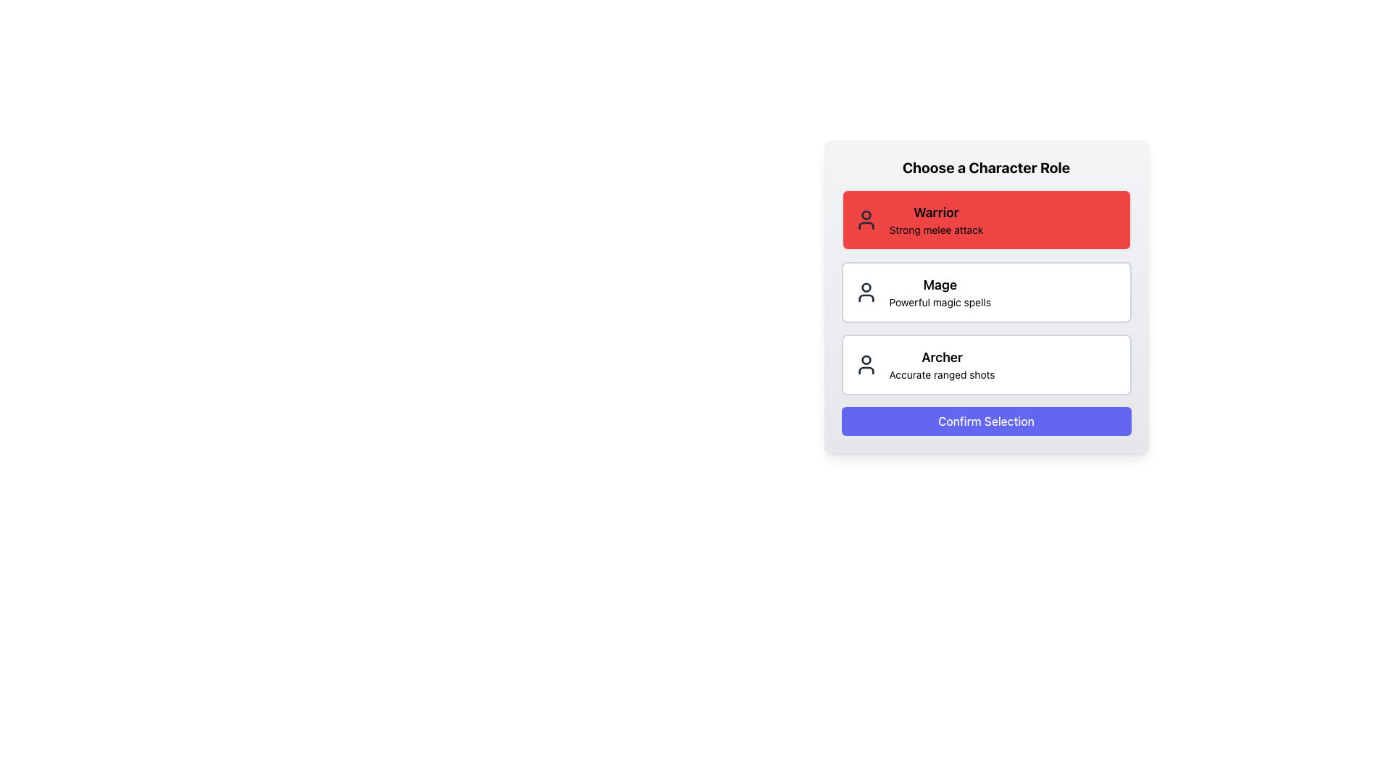 The height and width of the screenshot is (782, 1391). What do you see at coordinates (985, 220) in the screenshot?
I see `the 'Warrior' character selection button, which has a red background with a user icon and text describing a strong melee attack` at bounding box center [985, 220].